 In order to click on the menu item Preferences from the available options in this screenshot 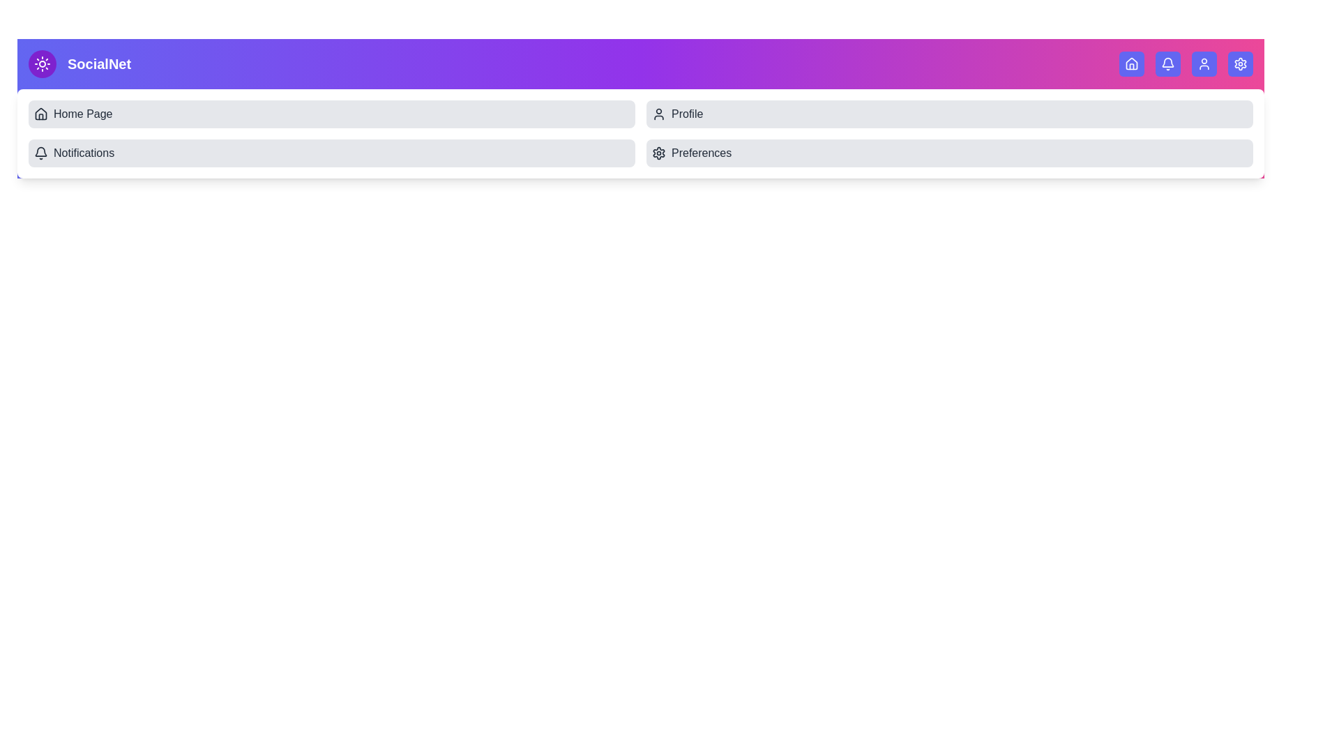, I will do `click(949, 153)`.